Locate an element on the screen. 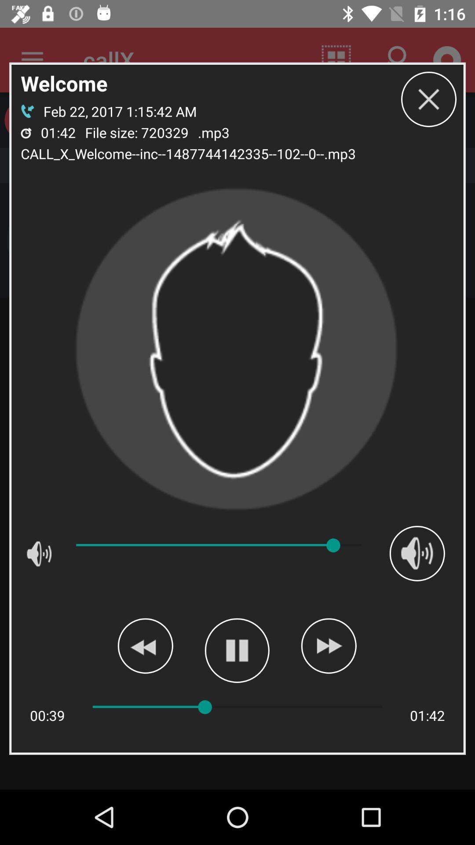 This screenshot has height=845, width=475. box is located at coordinates (428, 99).